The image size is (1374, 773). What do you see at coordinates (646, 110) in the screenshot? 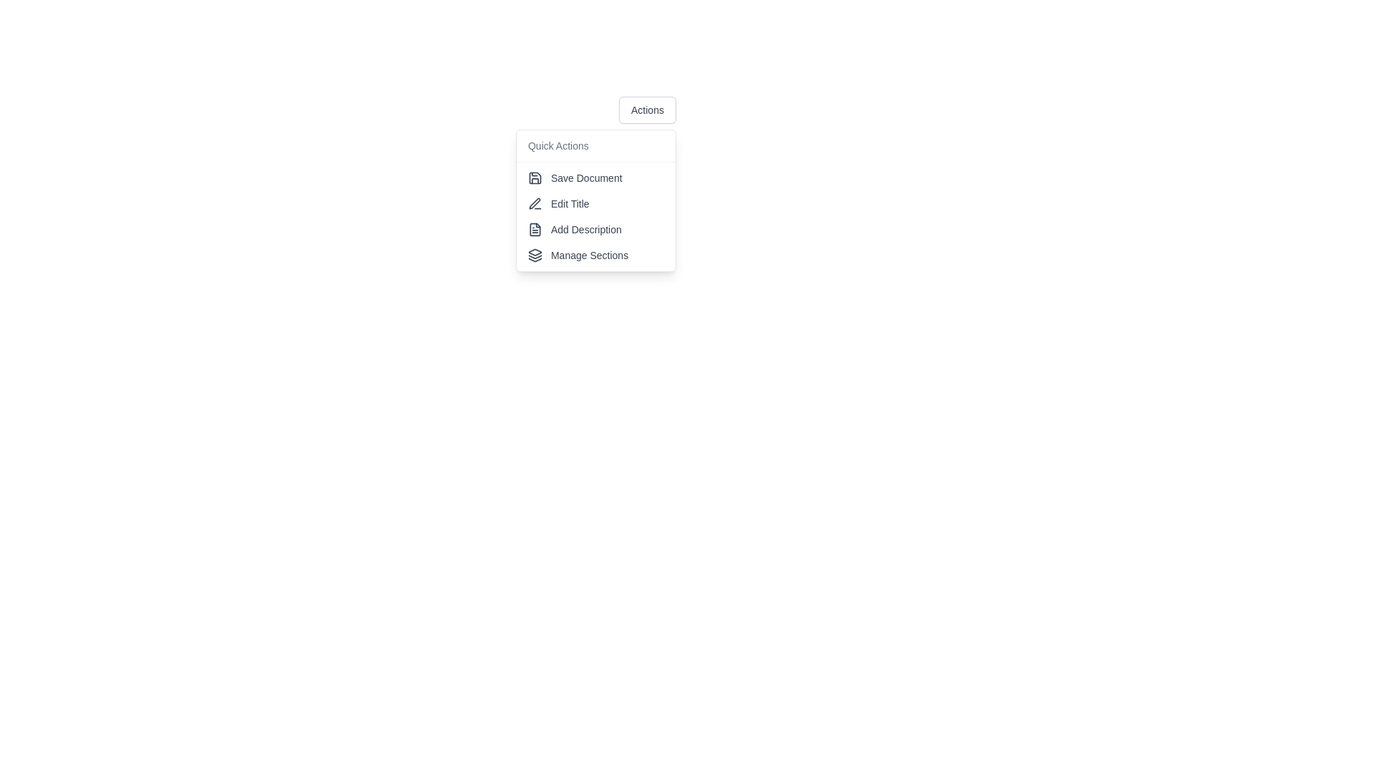
I see `the button located near the top of the dropdown menu that displays additional options like 'Save Document', 'Edit Title', and 'Add Description'` at bounding box center [646, 110].